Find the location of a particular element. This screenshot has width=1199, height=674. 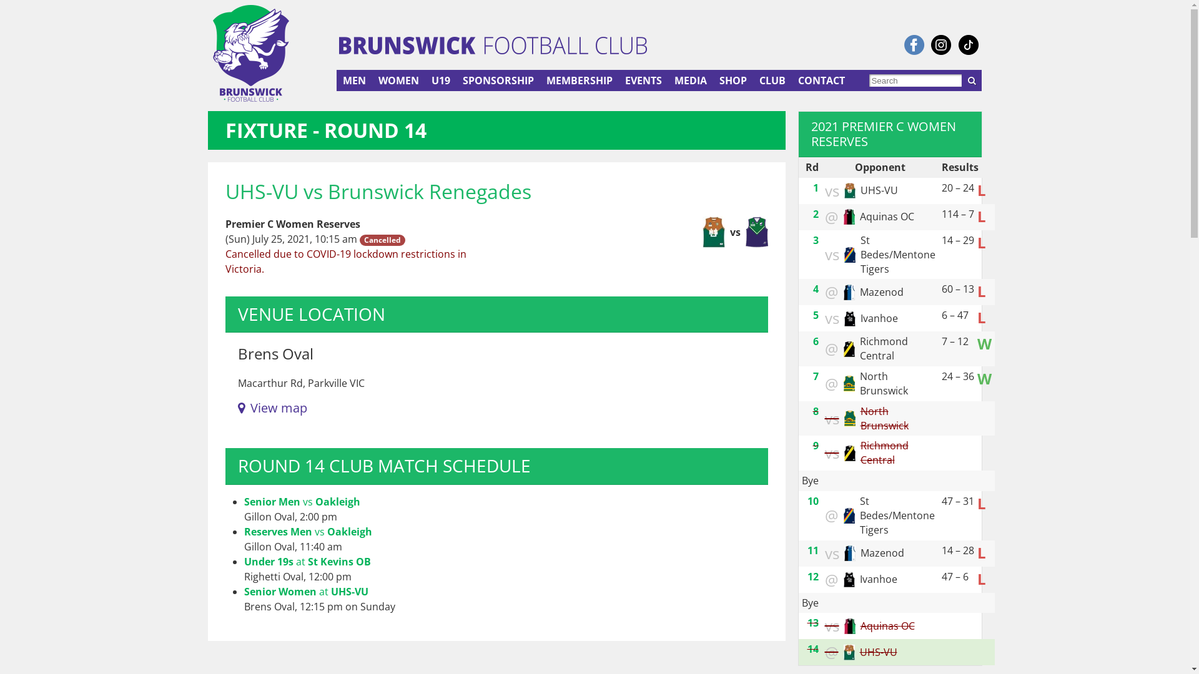

'UHS-VU' is located at coordinates (849, 190).